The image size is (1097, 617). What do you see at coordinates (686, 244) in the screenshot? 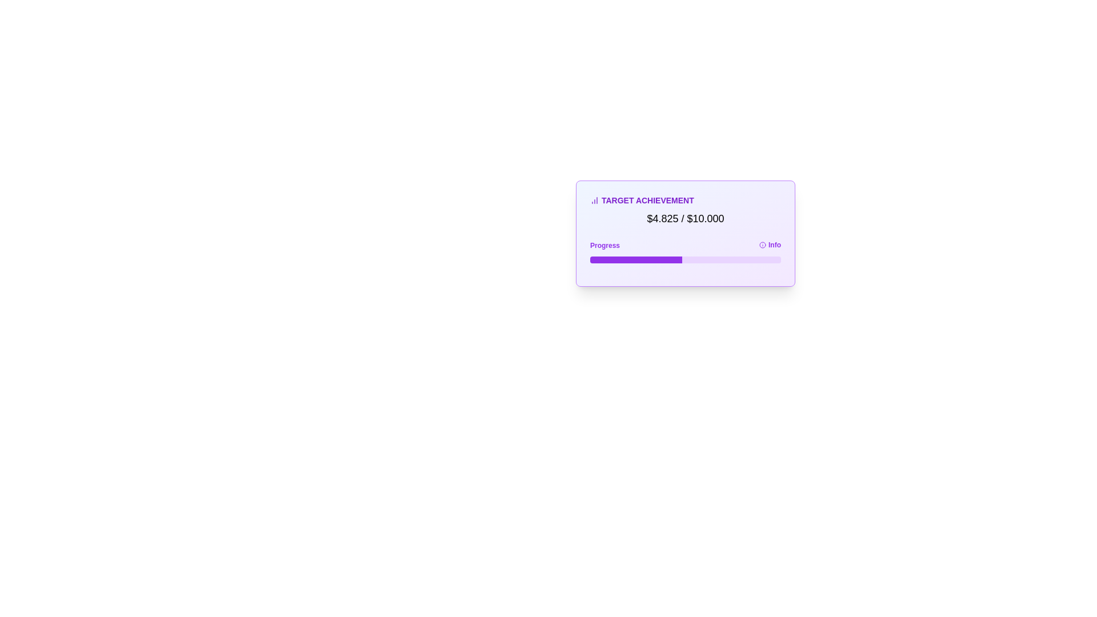
I see `the associated circular icon next to the word 'Info' in the horizontal text label element that describes a feature` at bounding box center [686, 244].